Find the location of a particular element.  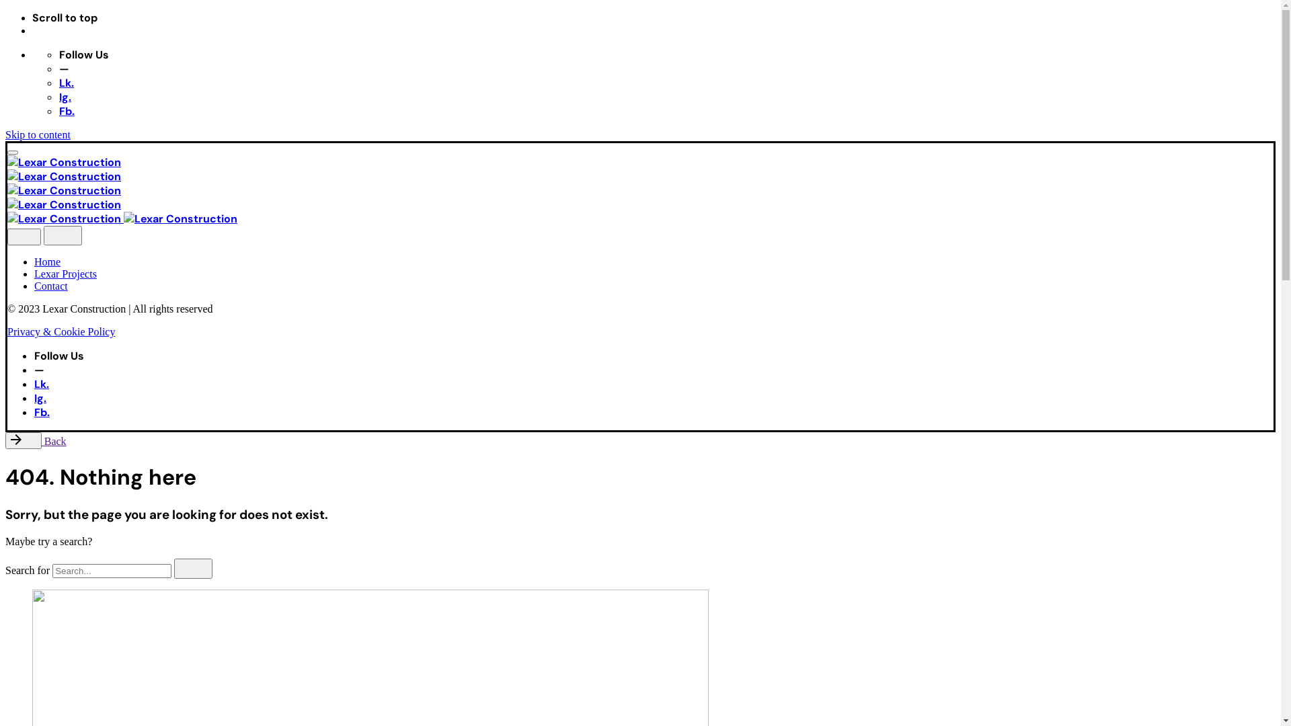

'Skip to content' is located at coordinates (38, 134).